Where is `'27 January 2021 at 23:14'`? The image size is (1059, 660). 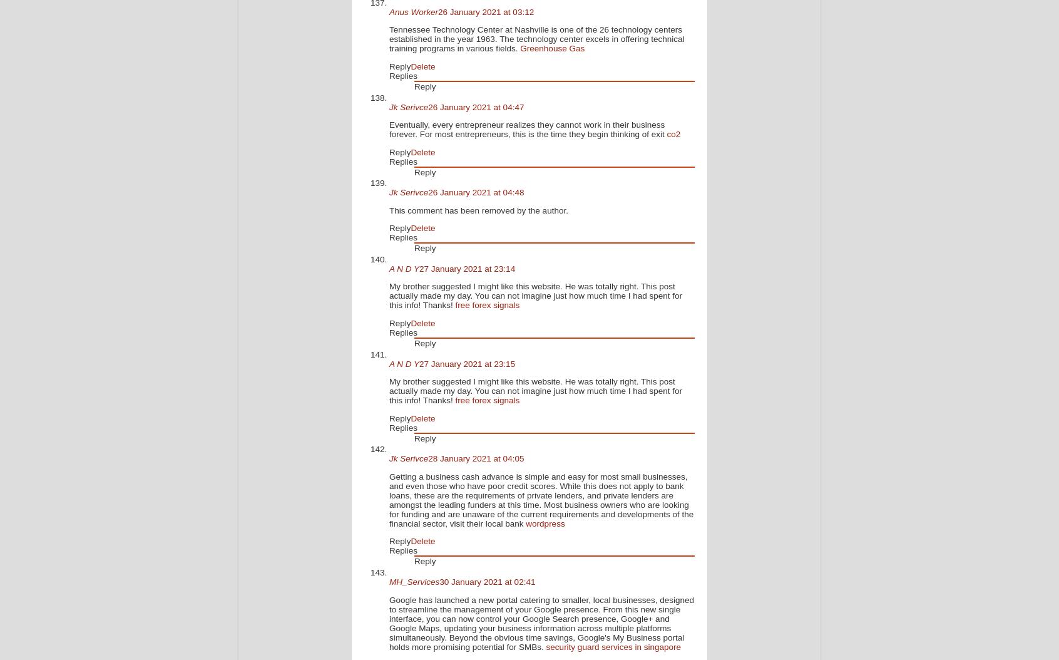 '27 January 2021 at 23:14' is located at coordinates (466, 268).